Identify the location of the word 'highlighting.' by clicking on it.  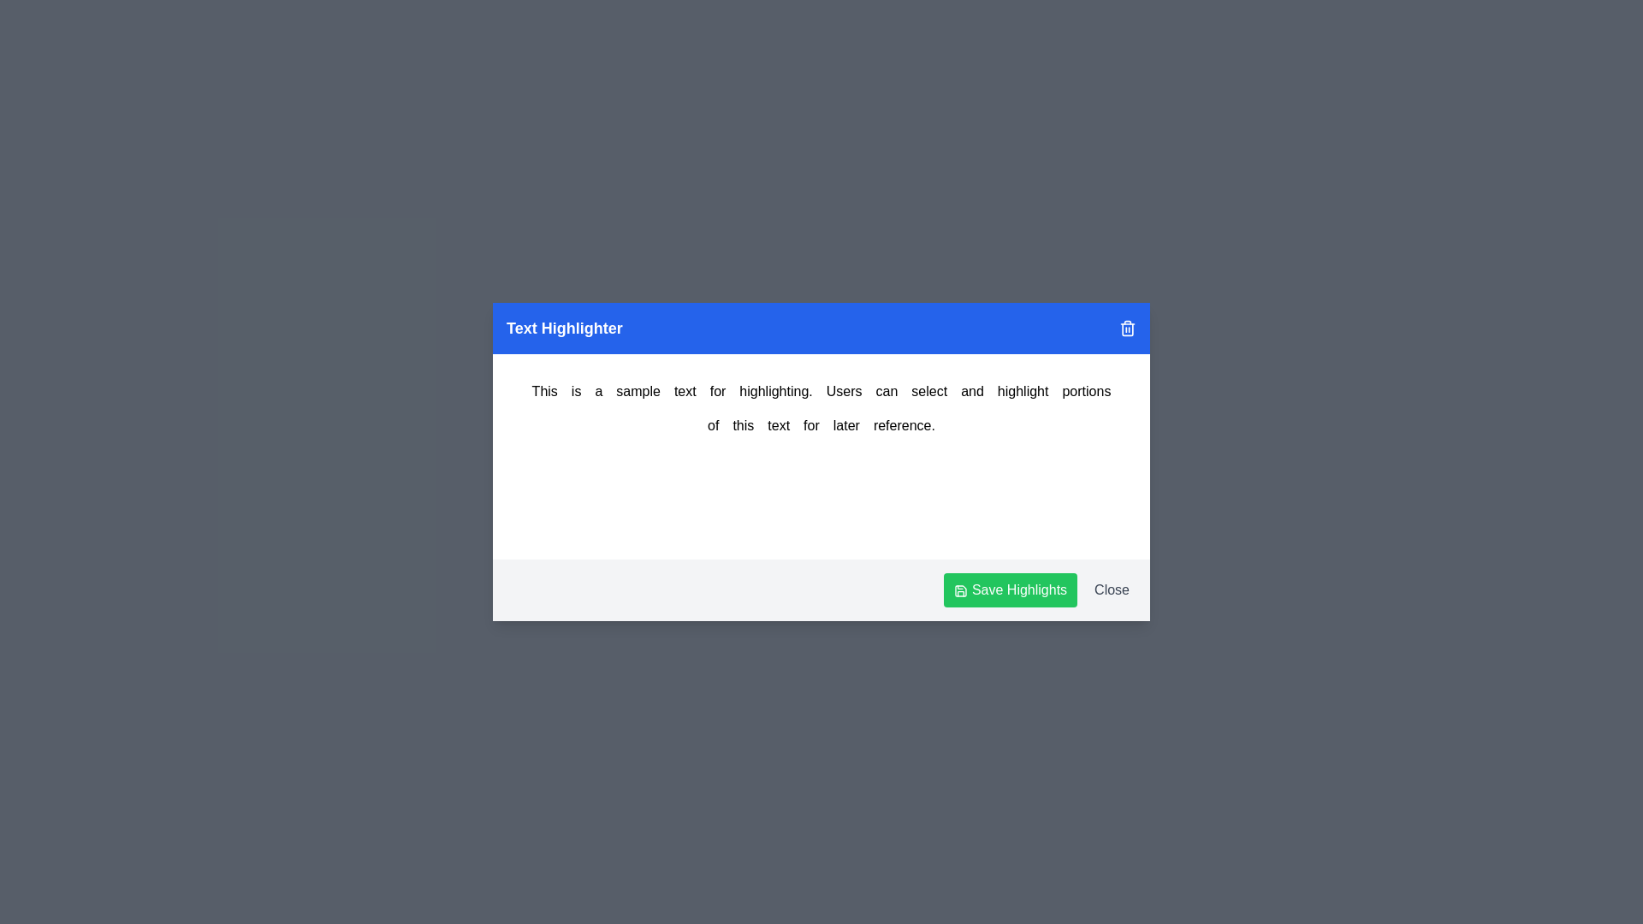
(775, 392).